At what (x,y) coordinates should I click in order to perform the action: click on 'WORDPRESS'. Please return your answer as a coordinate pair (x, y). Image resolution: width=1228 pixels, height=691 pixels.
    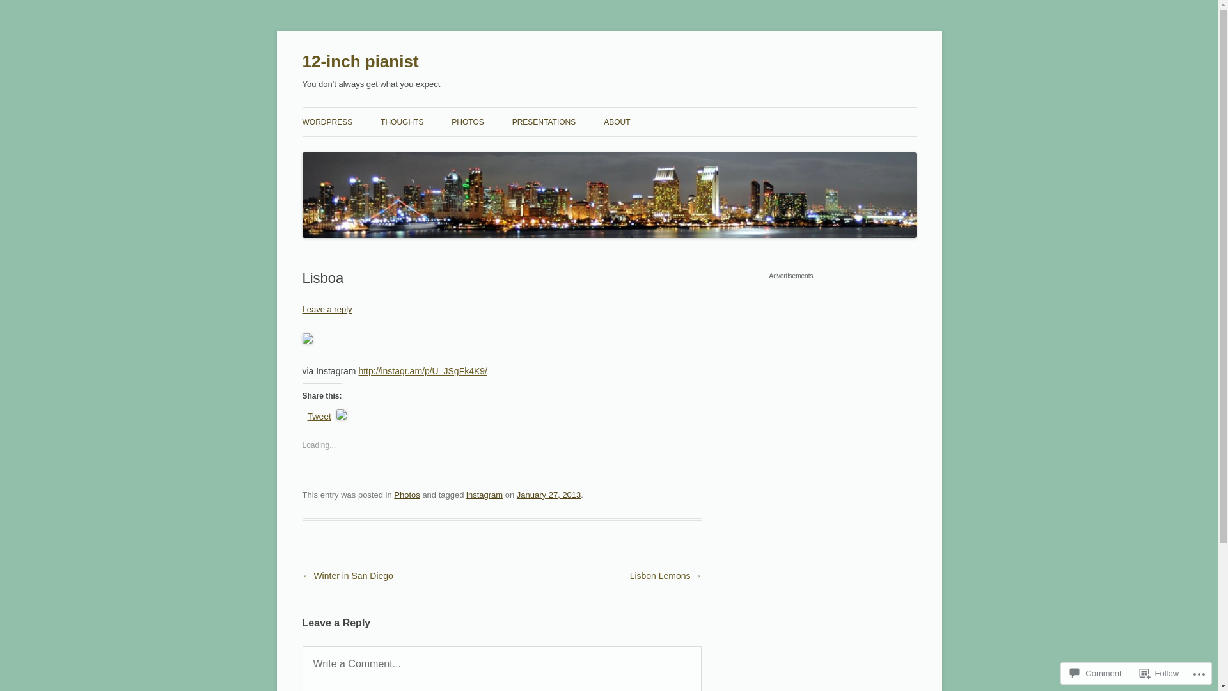
    Looking at the image, I should click on (327, 122).